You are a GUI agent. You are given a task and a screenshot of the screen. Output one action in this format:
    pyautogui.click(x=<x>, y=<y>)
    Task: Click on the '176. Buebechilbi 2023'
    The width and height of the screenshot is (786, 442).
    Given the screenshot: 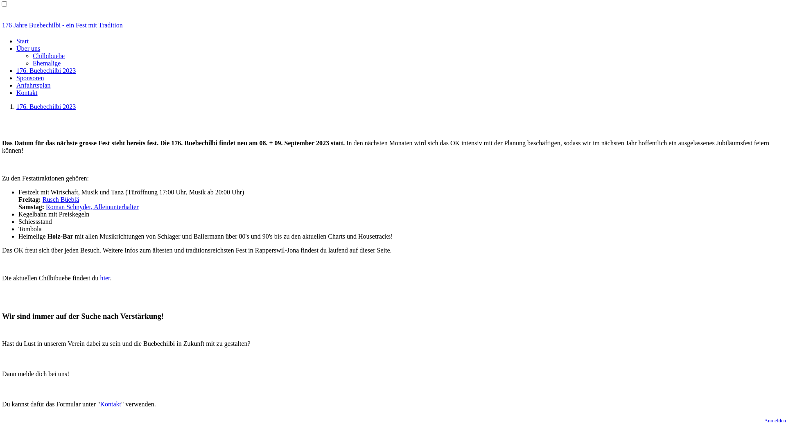 What is the action you would take?
    pyautogui.click(x=45, y=106)
    